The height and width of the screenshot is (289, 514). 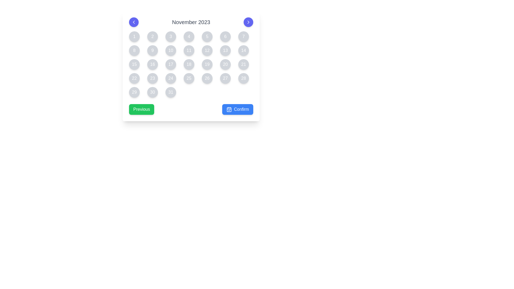 I want to click on the circular button labeled '6' with a light gray background in the November 2023 calendar grid, so click(x=225, y=36).